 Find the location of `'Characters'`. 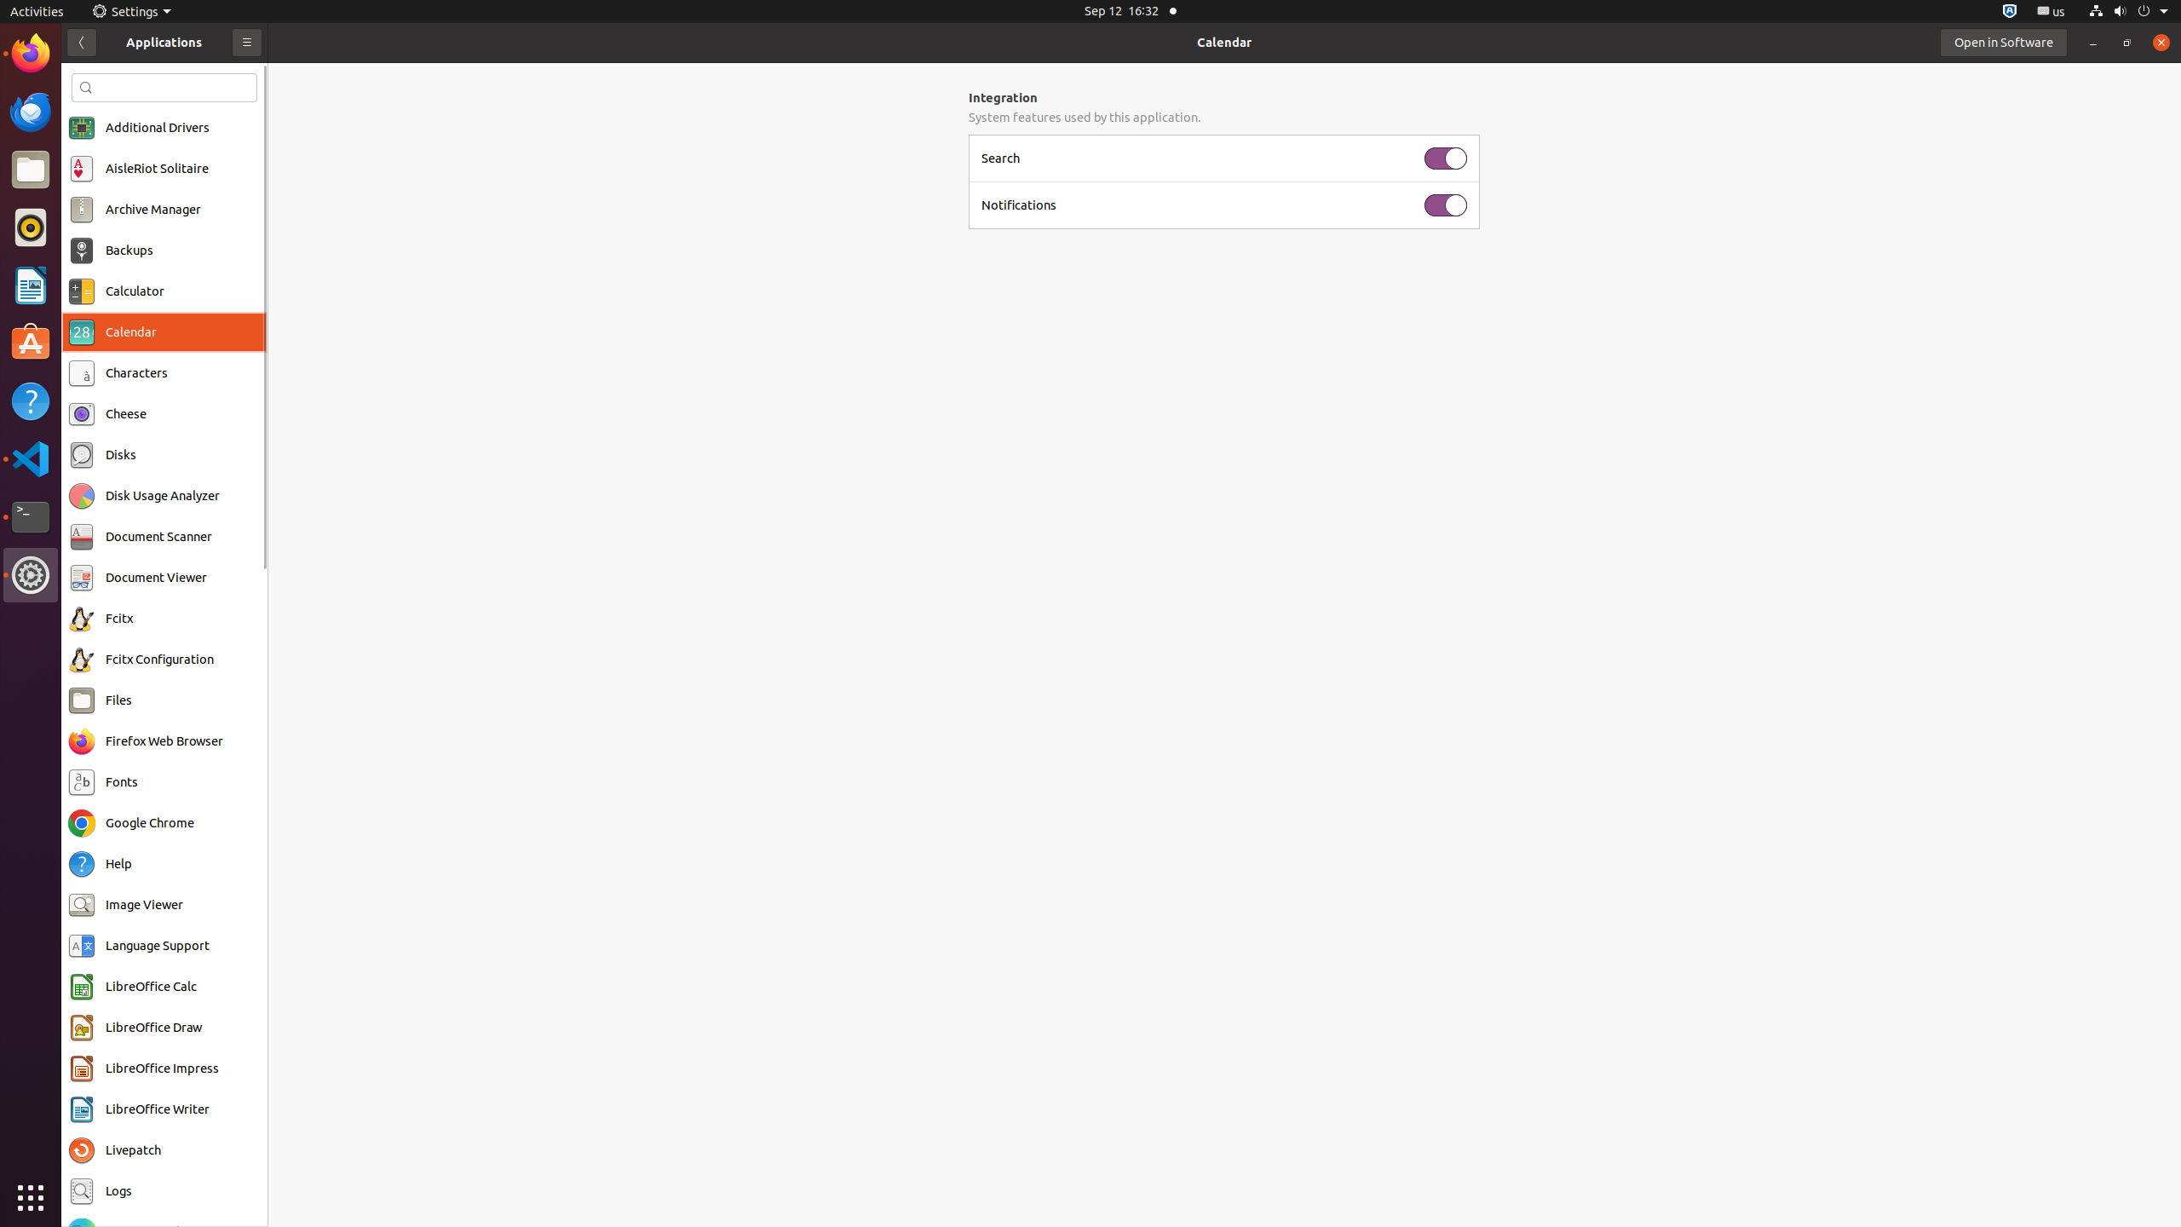

'Characters' is located at coordinates (135, 372).